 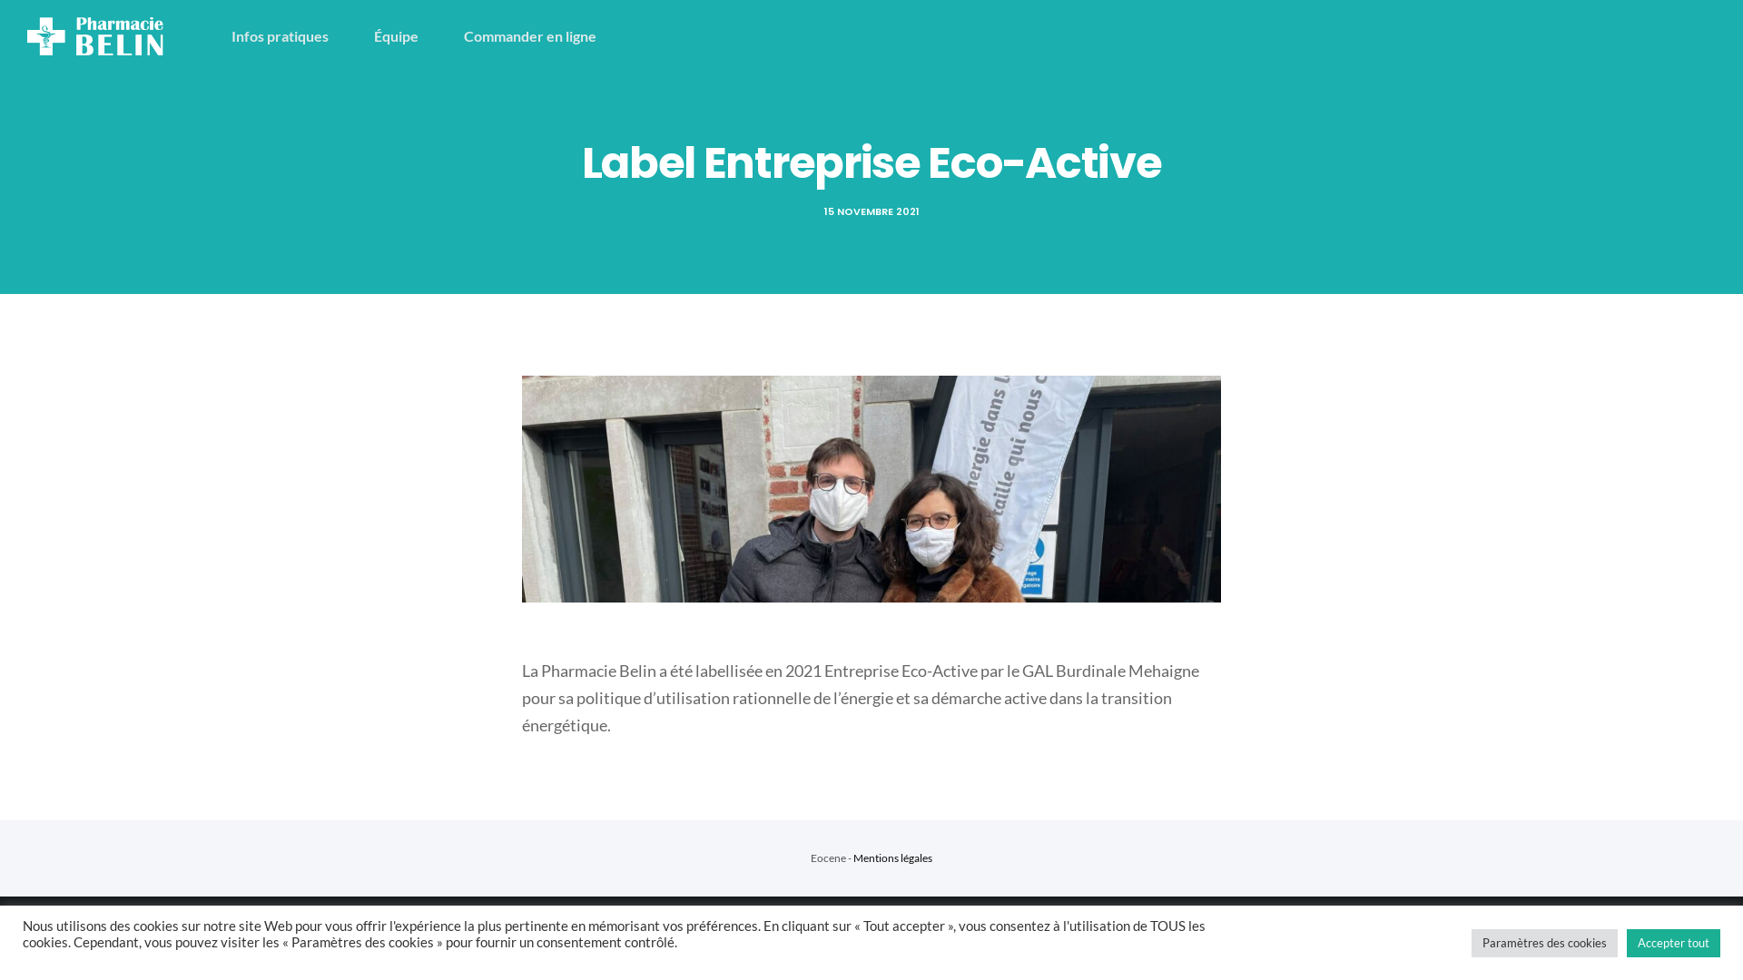 I want to click on 'Accepter tout', so click(x=1672, y=942).